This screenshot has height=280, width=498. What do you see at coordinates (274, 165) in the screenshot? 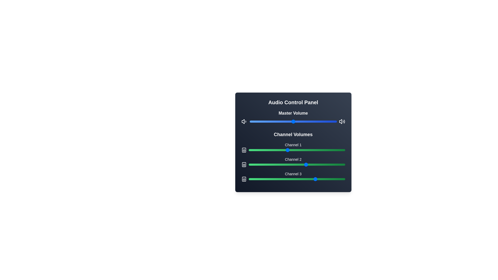
I see `the slider value` at bounding box center [274, 165].